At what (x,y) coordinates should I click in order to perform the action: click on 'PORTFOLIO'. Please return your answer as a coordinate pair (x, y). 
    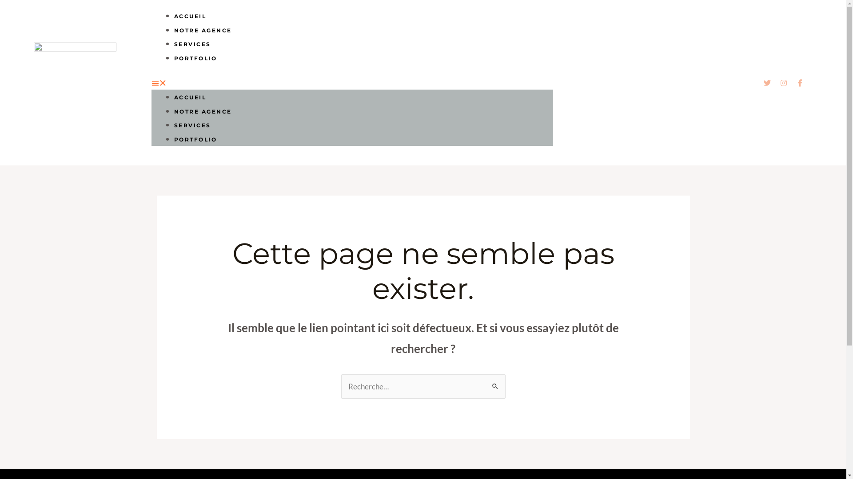
    Looking at the image, I should click on (174, 58).